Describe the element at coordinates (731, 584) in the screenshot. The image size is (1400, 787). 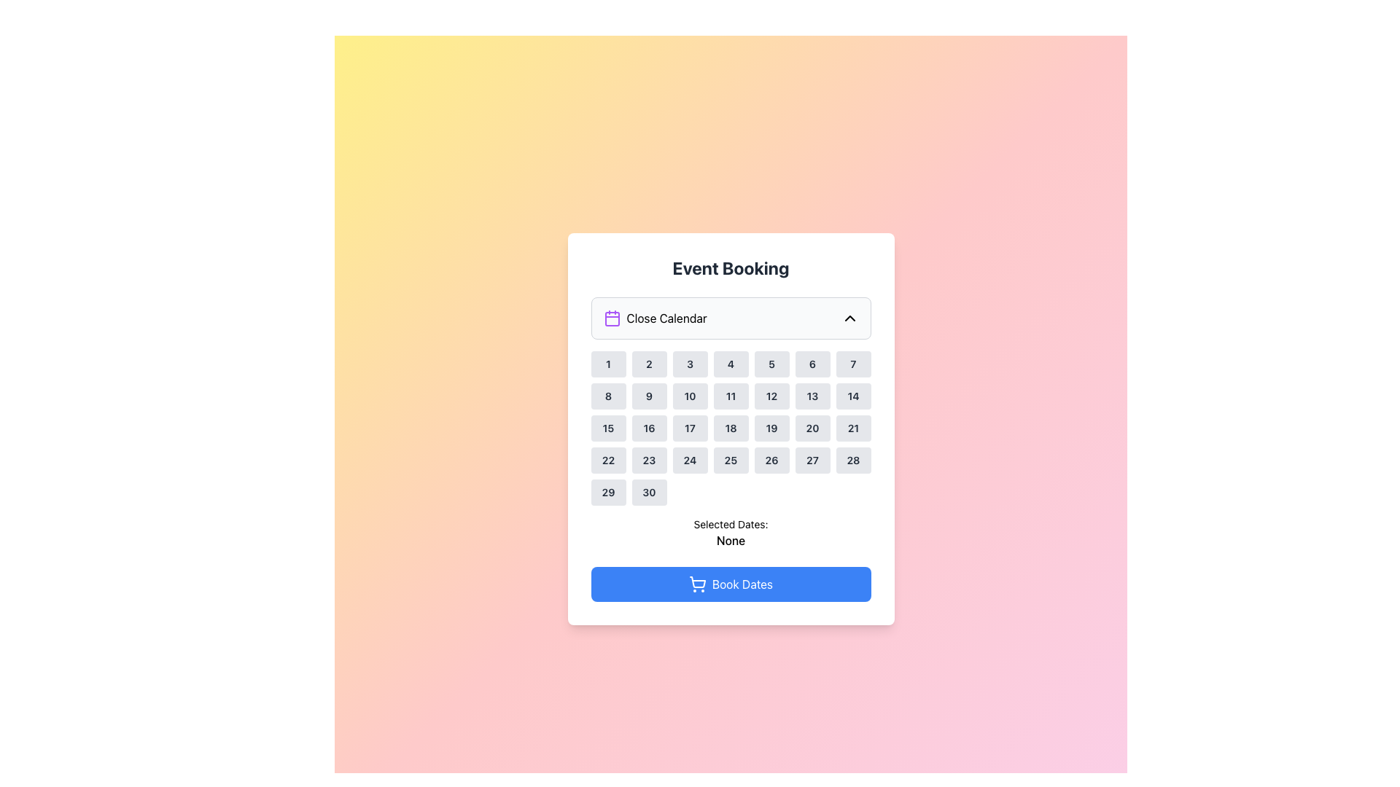
I see `the confirm button located at the bottom of the card layout` at that location.